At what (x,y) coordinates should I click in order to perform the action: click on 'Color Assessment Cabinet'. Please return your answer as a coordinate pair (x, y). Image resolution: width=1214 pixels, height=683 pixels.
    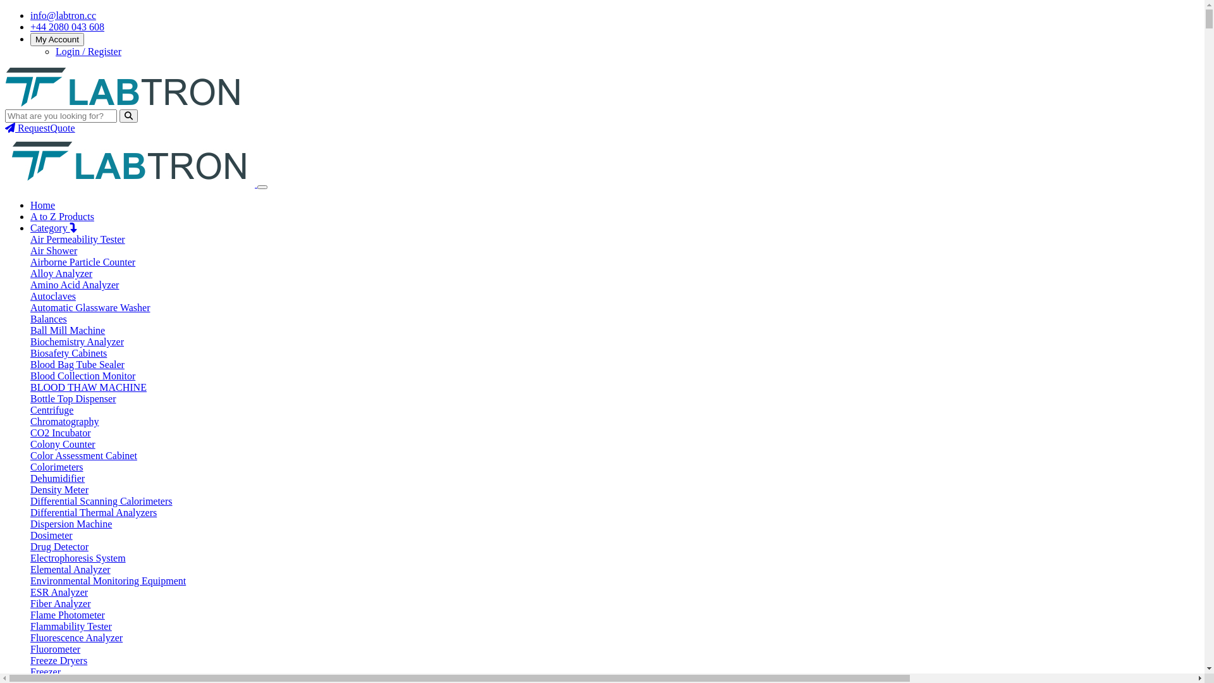
    Looking at the image, I should click on (83, 455).